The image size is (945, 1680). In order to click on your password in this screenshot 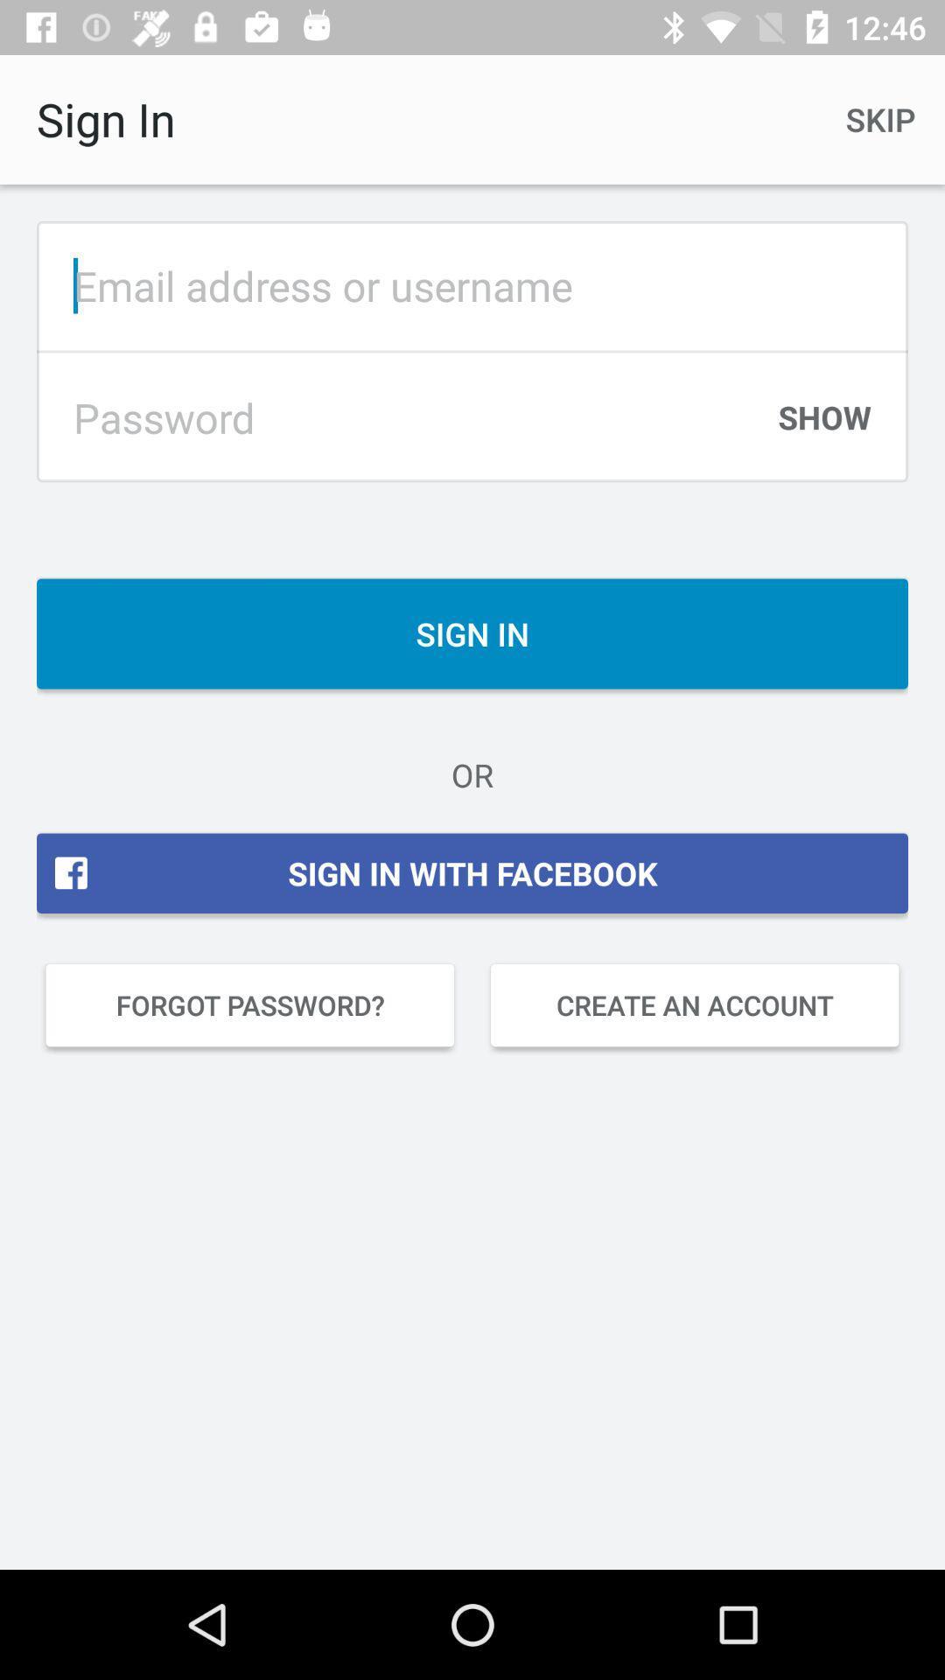, I will do `click(403, 416)`.